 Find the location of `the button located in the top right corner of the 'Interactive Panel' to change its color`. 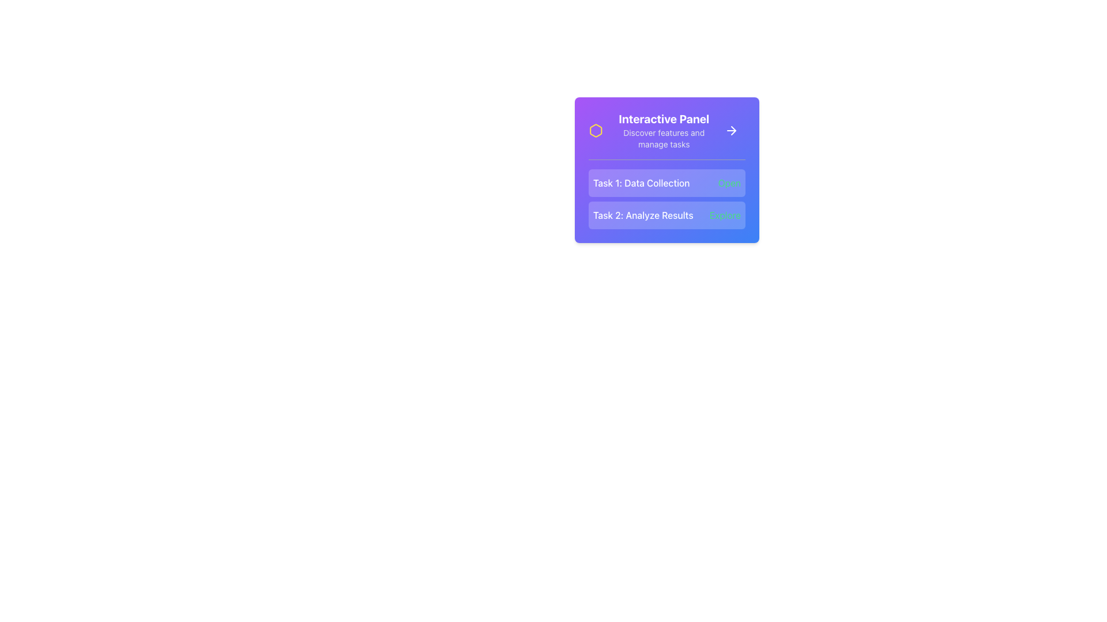

the button located in the top right corner of the 'Interactive Panel' to change its color is located at coordinates (731, 130).